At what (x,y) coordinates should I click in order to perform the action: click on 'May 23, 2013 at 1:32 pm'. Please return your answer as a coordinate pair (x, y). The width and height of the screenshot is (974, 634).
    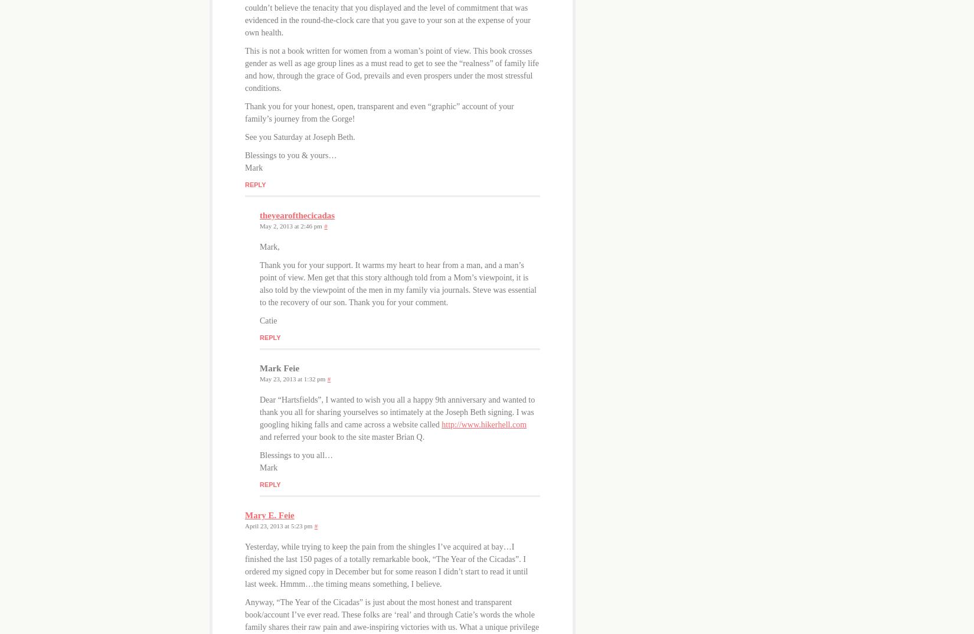
    Looking at the image, I should click on (292, 378).